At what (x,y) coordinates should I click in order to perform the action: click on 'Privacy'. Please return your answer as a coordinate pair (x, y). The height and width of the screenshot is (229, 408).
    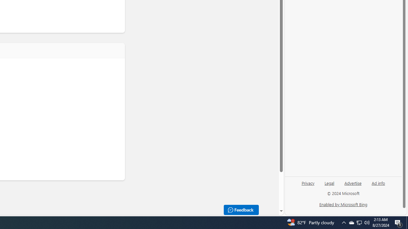
    Looking at the image, I should click on (308, 185).